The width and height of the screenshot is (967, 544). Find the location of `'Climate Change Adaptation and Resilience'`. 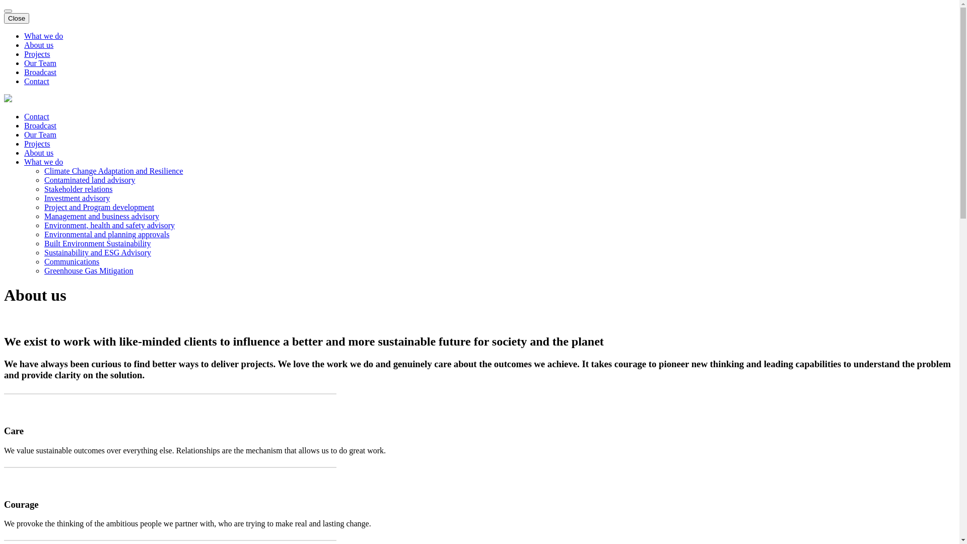

'Climate Change Adaptation and Resilience' is located at coordinates (113, 170).